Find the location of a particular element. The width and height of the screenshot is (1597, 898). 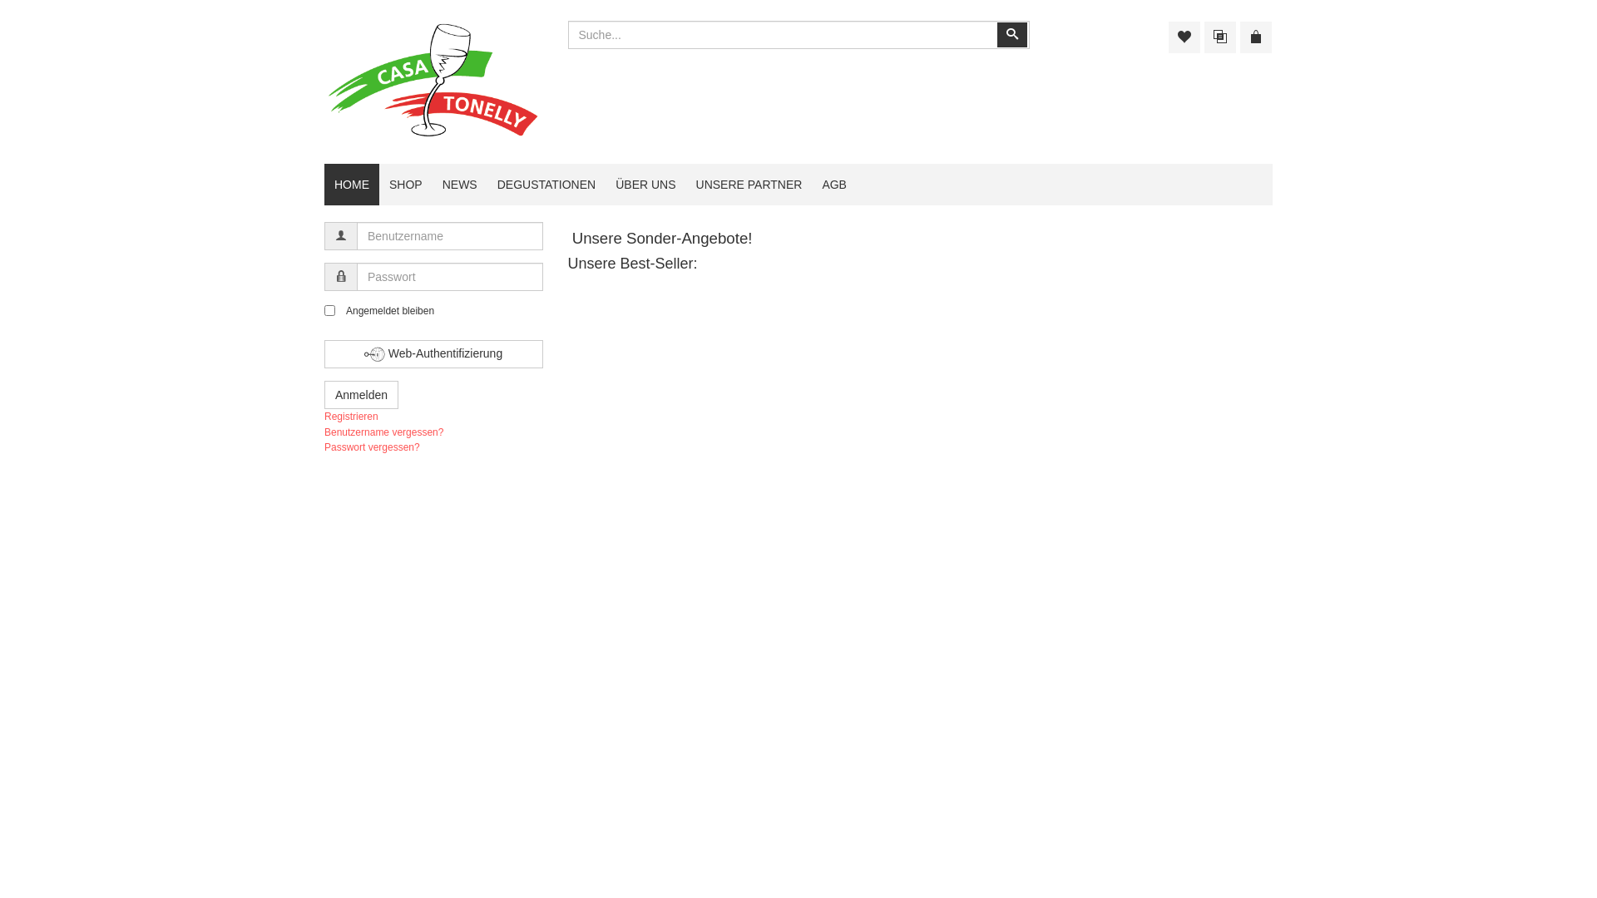

'Benutzername vergessen?' is located at coordinates (383, 432).